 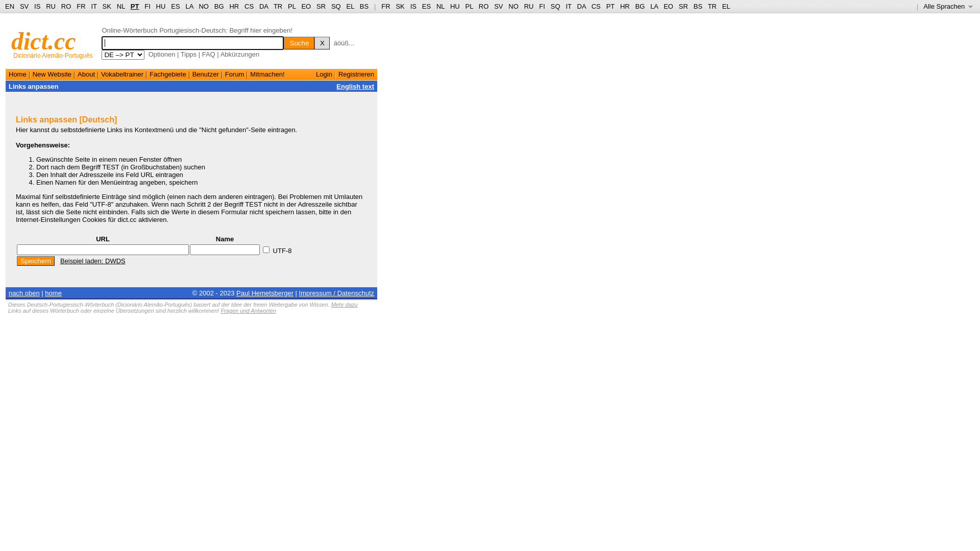 I want to click on 'SV', so click(x=24, y=6).